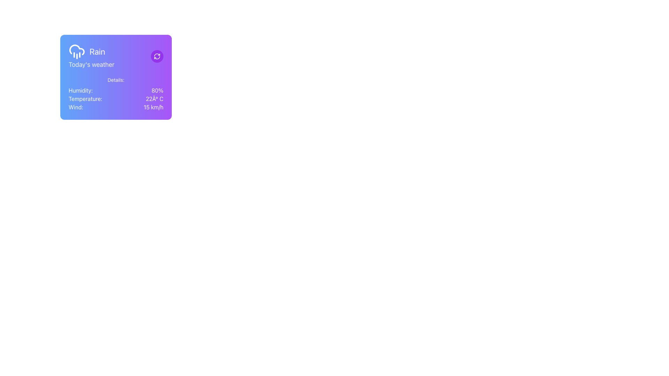 Image resolution: width=669 pixels, height=376 pixels. I want to click on the Text Label displaying 'Rain', which is positioned to the right of a cloud with rain icon in a weather information panel, so click(97, 51).